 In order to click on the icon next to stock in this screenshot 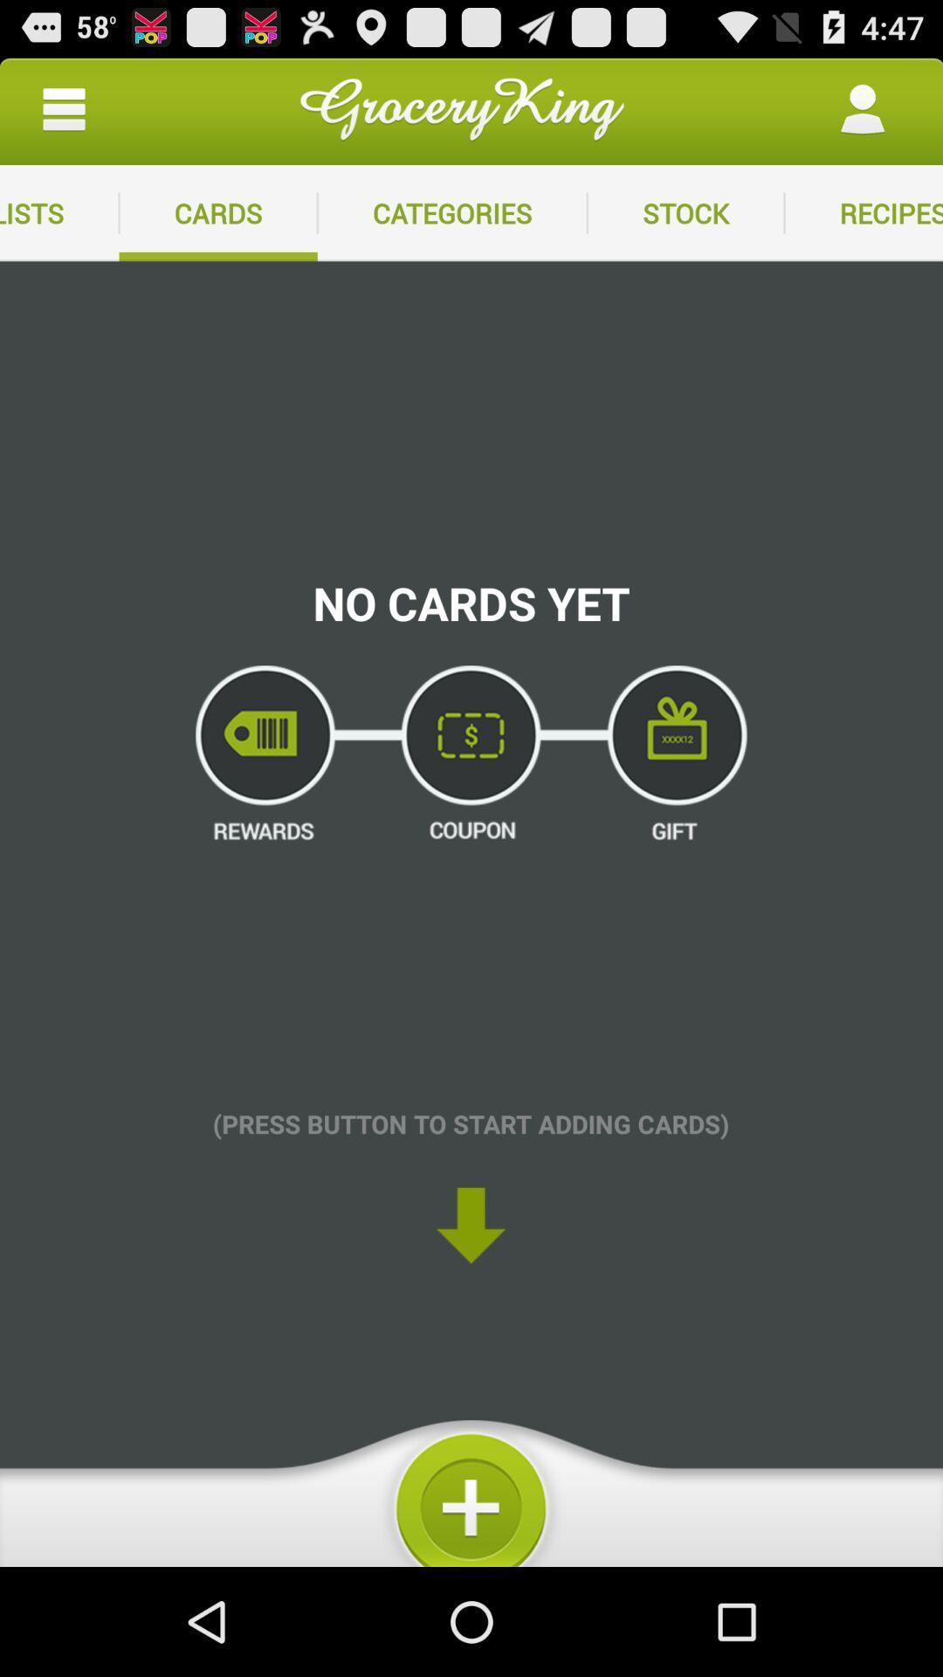, I will do `click(451, 212)`.